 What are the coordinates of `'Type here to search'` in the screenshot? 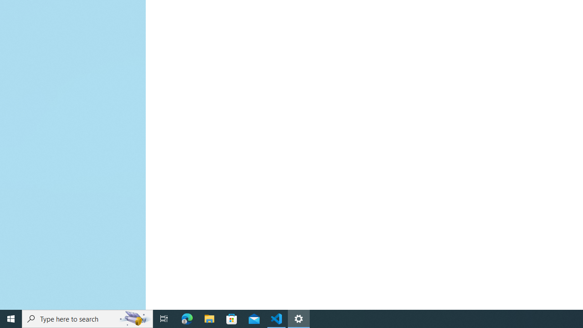 It's located at (87, 318).